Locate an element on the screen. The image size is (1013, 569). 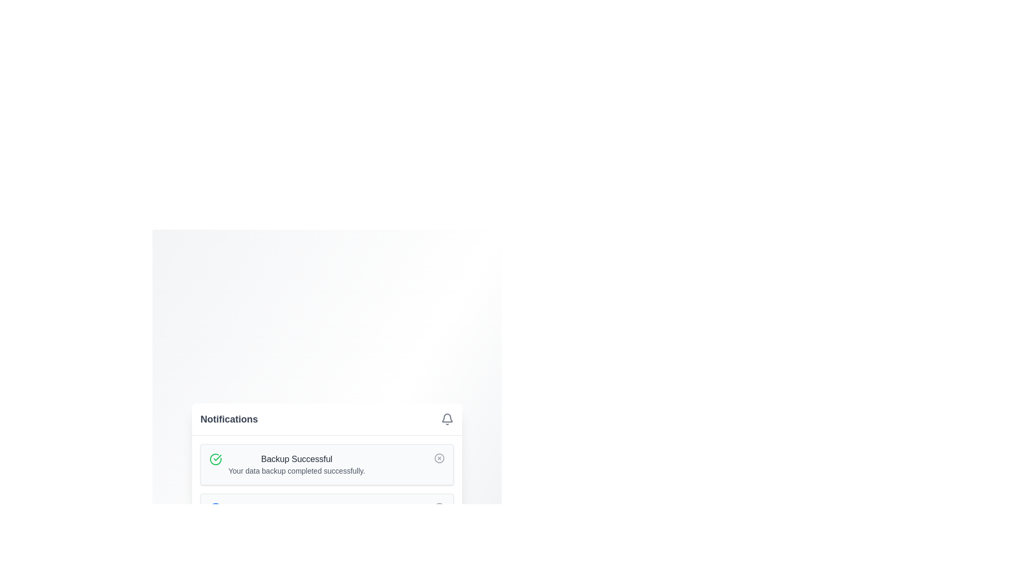
the decorative circular vector graphic element that is part of the close button in the notifications interface, located at the bottom-right corner is located at coordinates (439, 507).